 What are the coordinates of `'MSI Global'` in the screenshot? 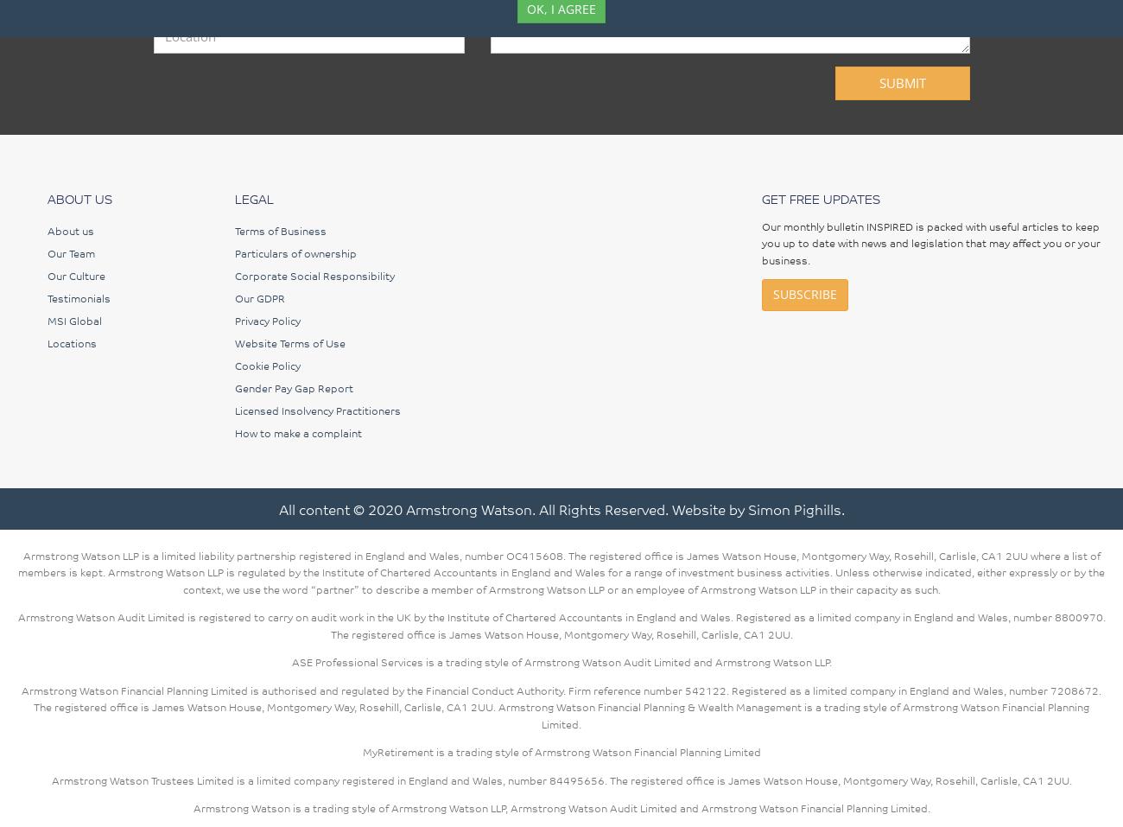 It's located at (74, 319).